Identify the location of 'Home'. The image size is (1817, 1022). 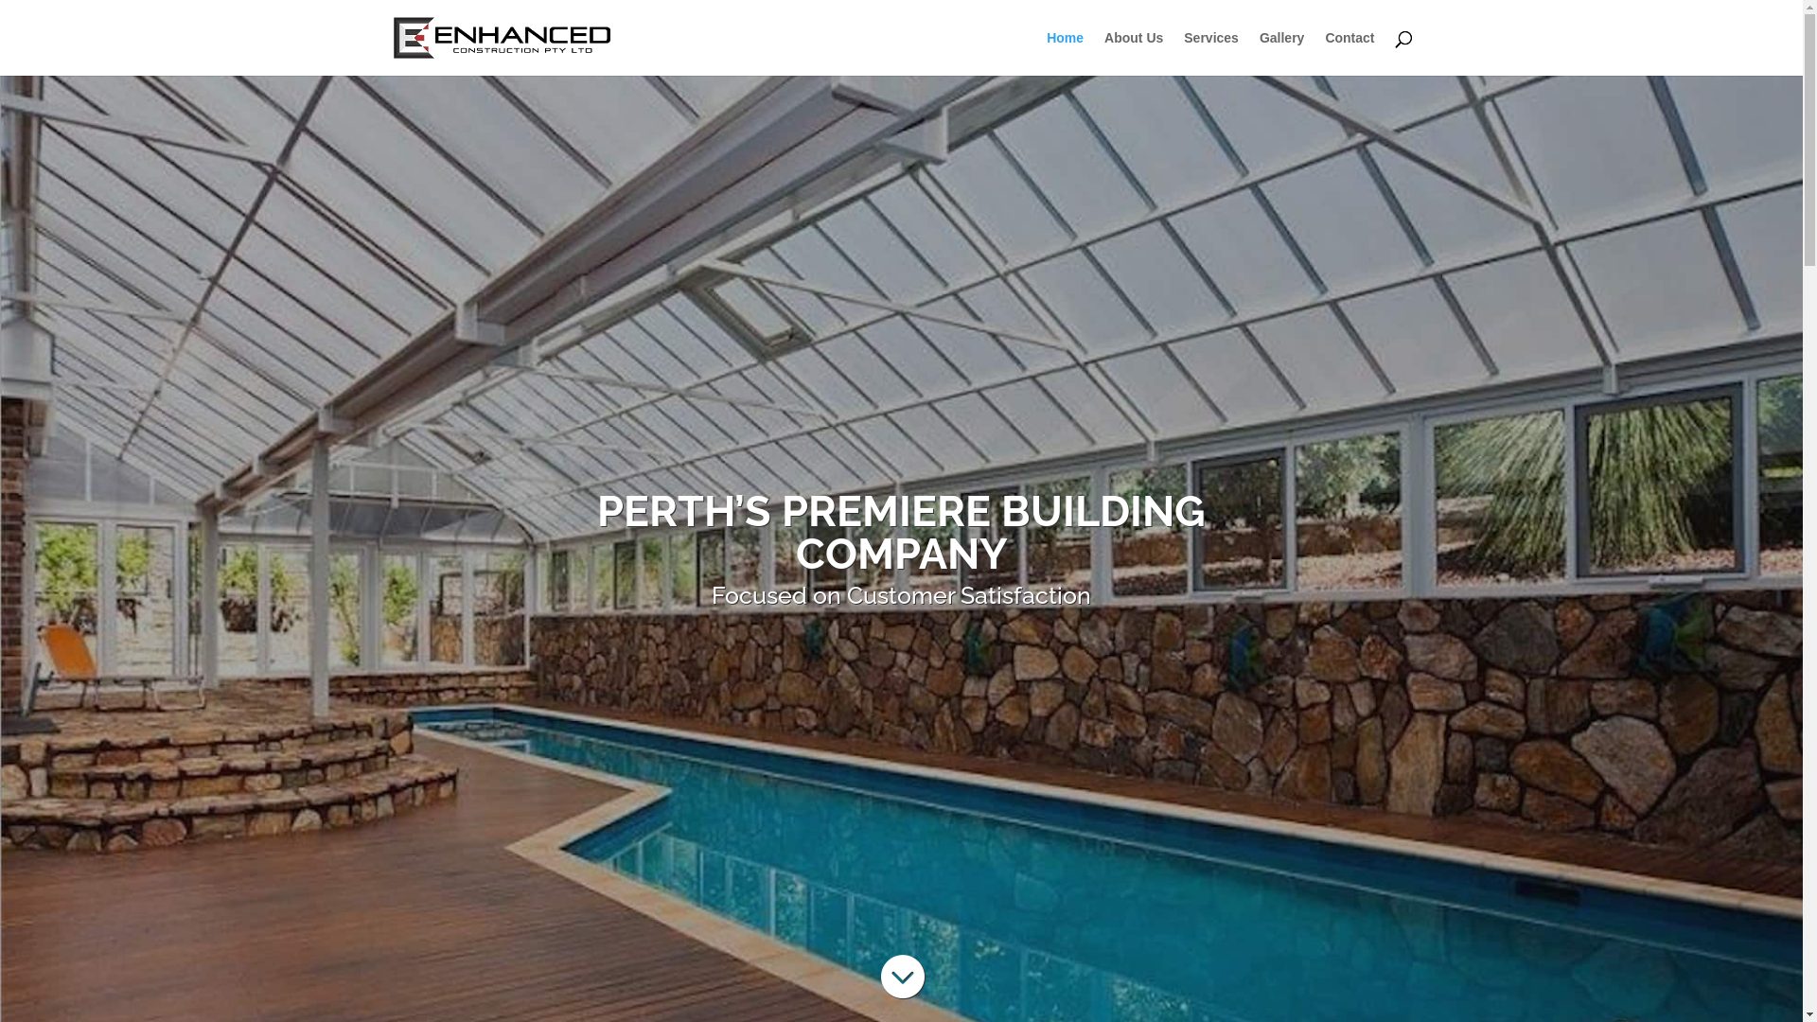
(1045, 52).